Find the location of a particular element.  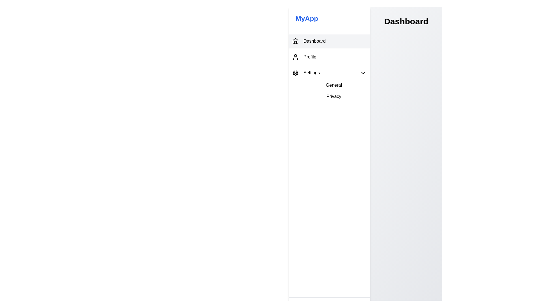

the house icon in the sidebar navigation associated with the 'Dashboard' option is located at coordinates (295, 41).